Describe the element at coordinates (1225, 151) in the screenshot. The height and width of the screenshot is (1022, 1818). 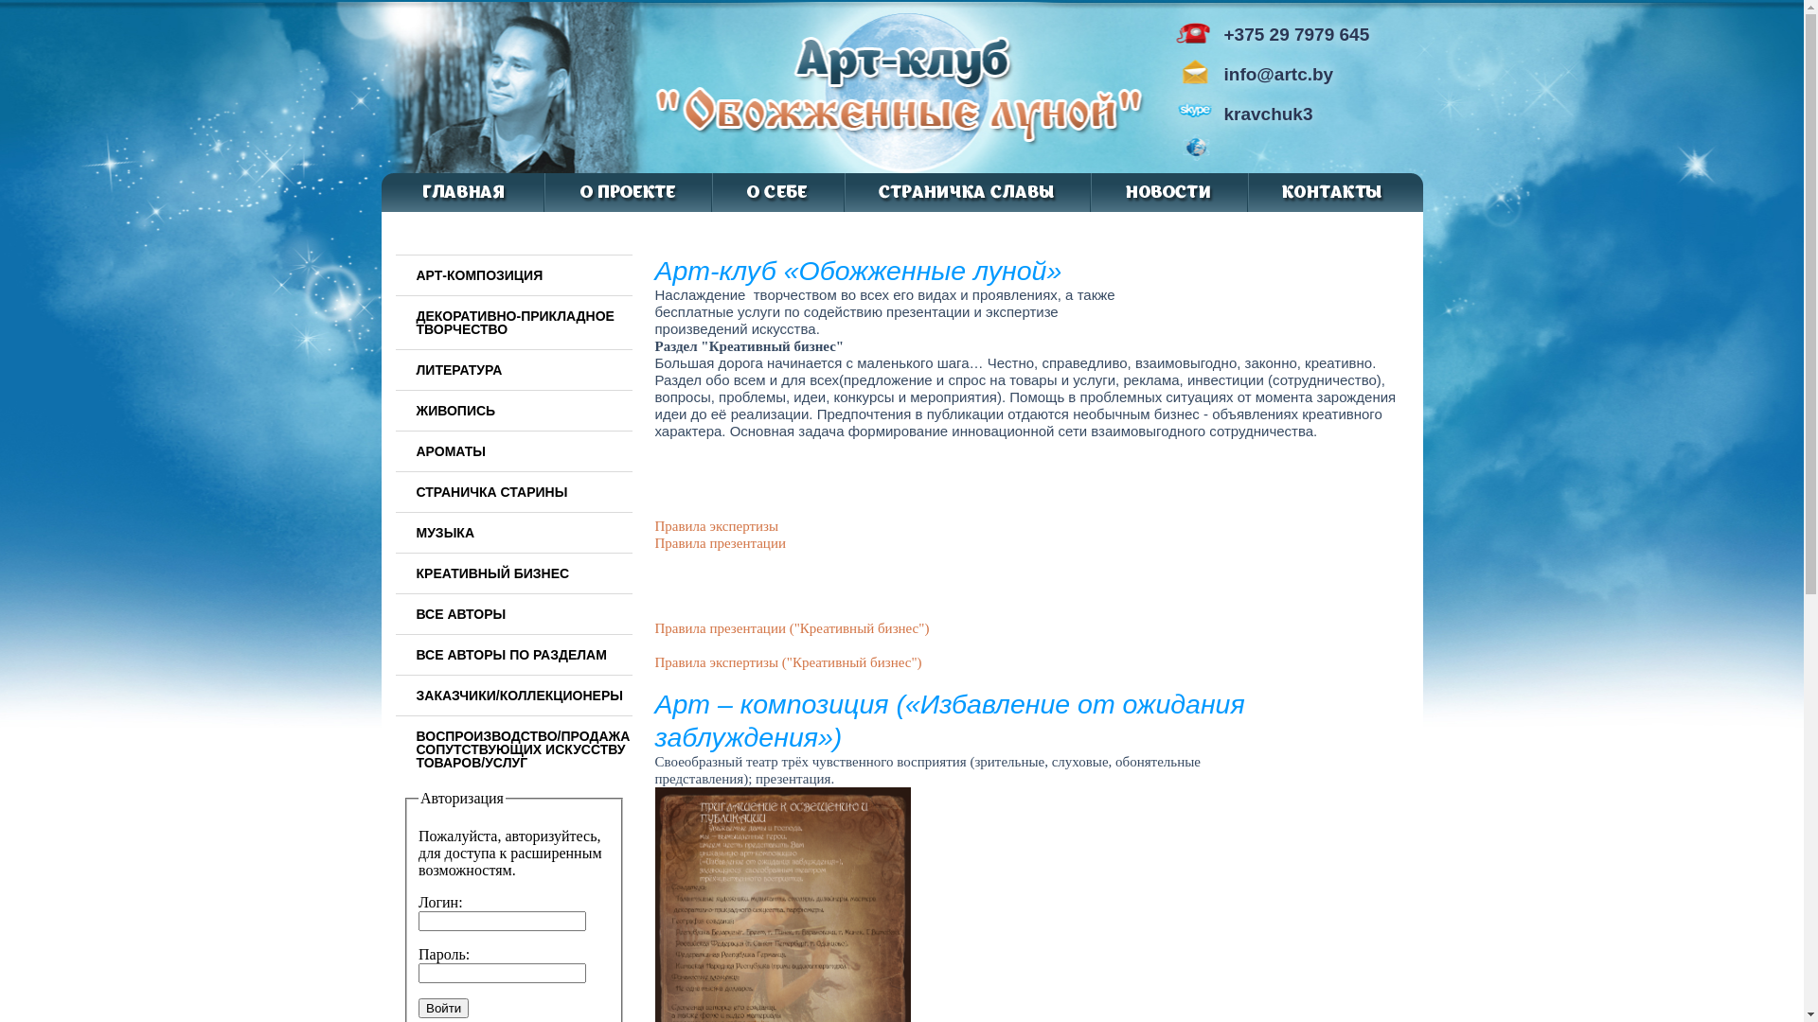
I see `' '` at that location.